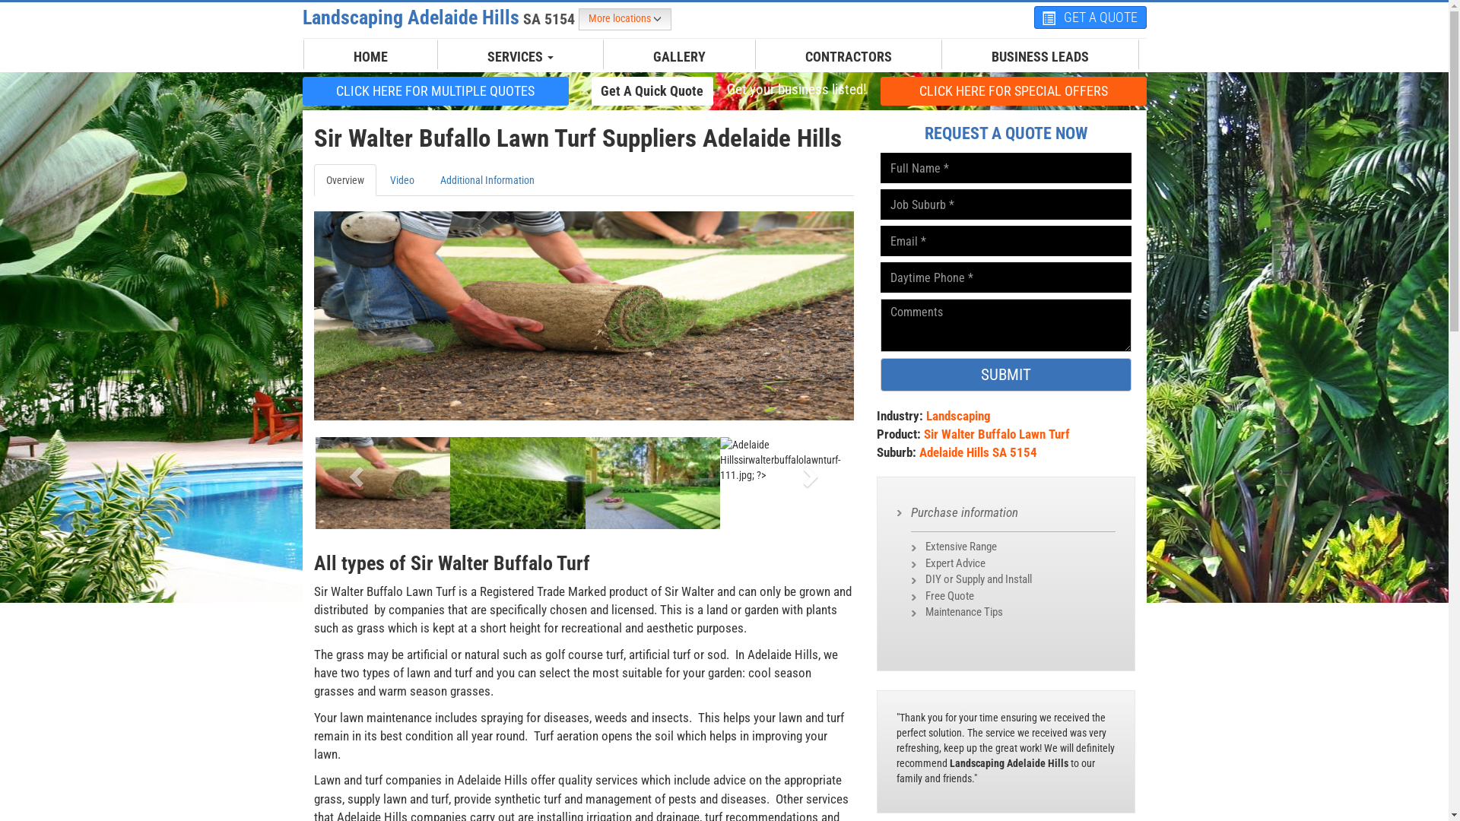 This screenshot has width=1460, height=821. I want to click on 'CONTRACTORS', so click(848, 55).